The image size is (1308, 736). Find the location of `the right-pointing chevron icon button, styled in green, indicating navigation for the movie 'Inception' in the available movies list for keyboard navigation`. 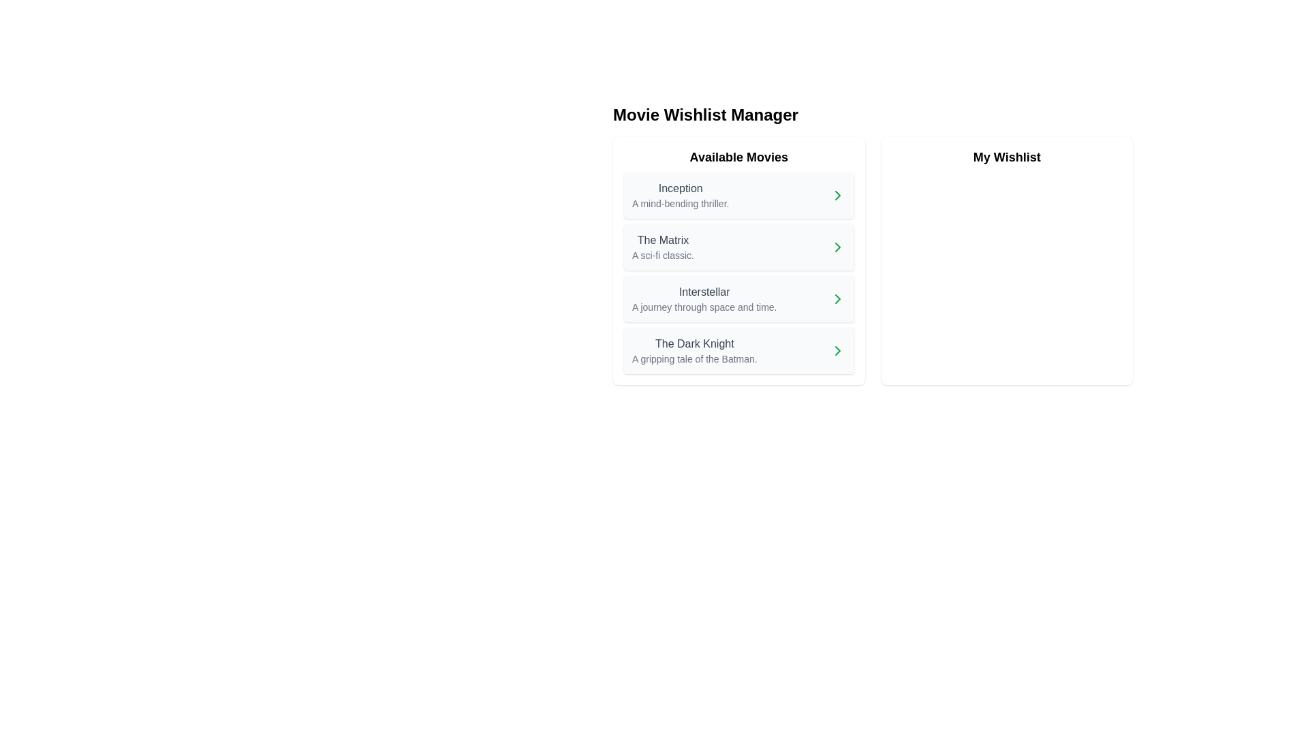

the right-pointing chevron icon button, styled in green, indicating navigation for the movie 'Inception' in the available movies list for keyboard navigation is located at coordinates (837, 195).